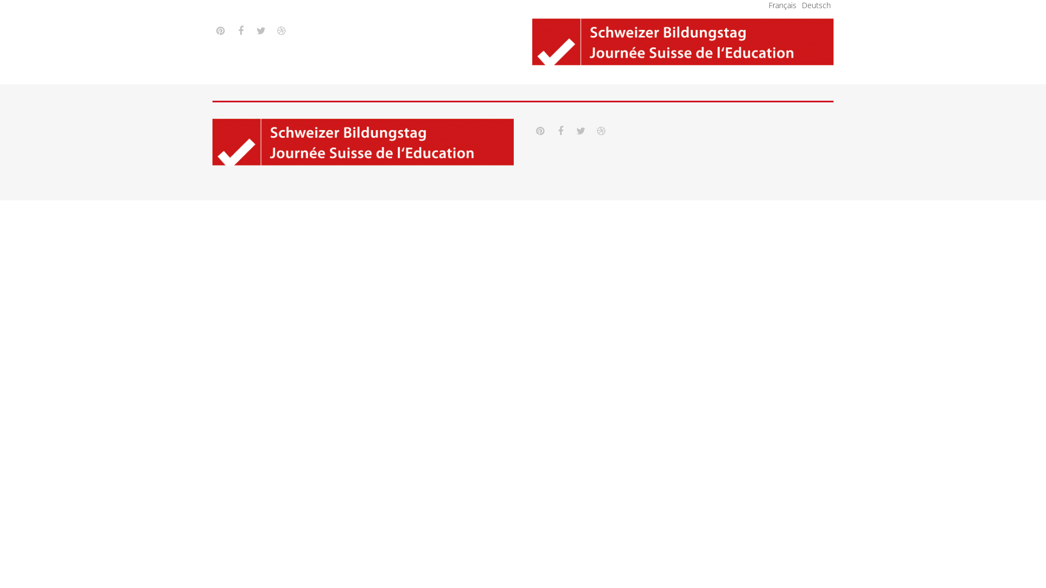 The image size is (1046, 588). What do you see at coordinates (802, 5) in the screenshot?
I see `'Deutsch'` at bounding box center [802, 5].